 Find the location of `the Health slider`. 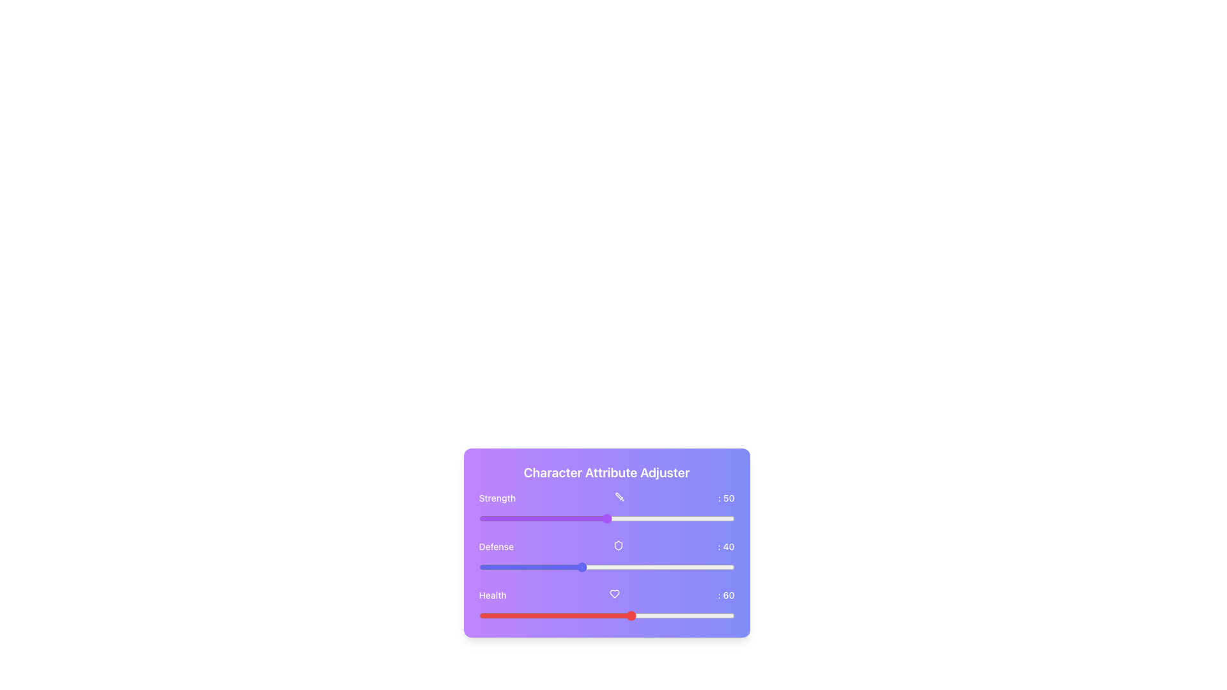

the Health slider is located at coordinates (555, 615).